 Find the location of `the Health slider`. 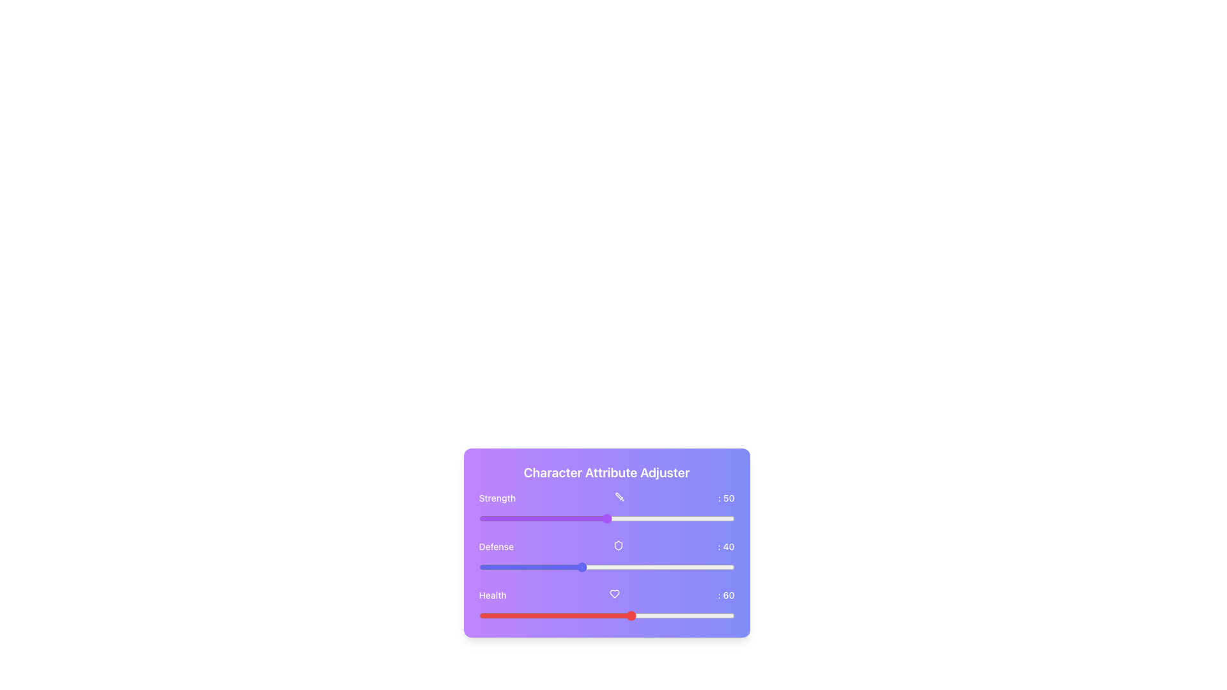

the Health slider is located at coordinates (555, 615).